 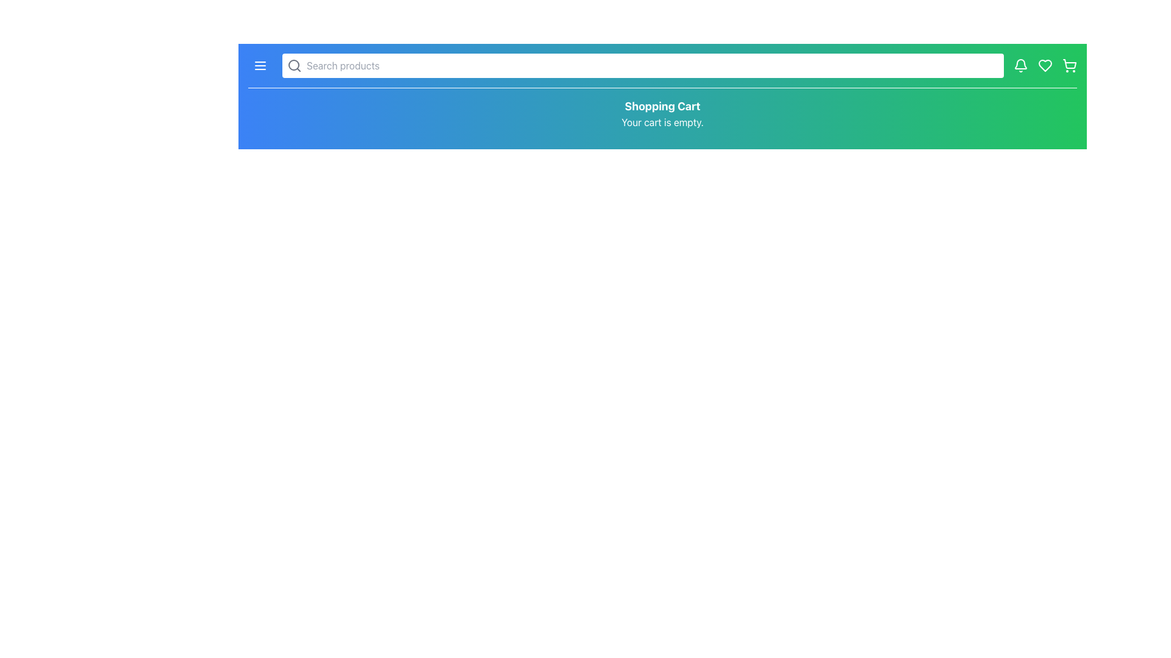 I want to click on the notification icon, which is a bell shape located in the top-right corner of the navigation bar, so click(x=1021, y=64).